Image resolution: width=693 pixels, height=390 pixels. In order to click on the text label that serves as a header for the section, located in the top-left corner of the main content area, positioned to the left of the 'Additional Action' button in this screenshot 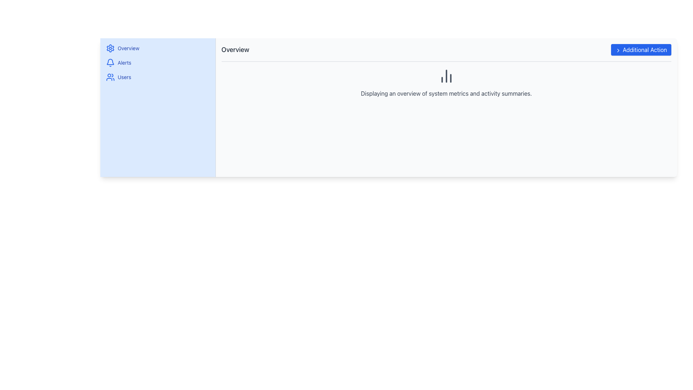, I will do `click(235, 49)`.